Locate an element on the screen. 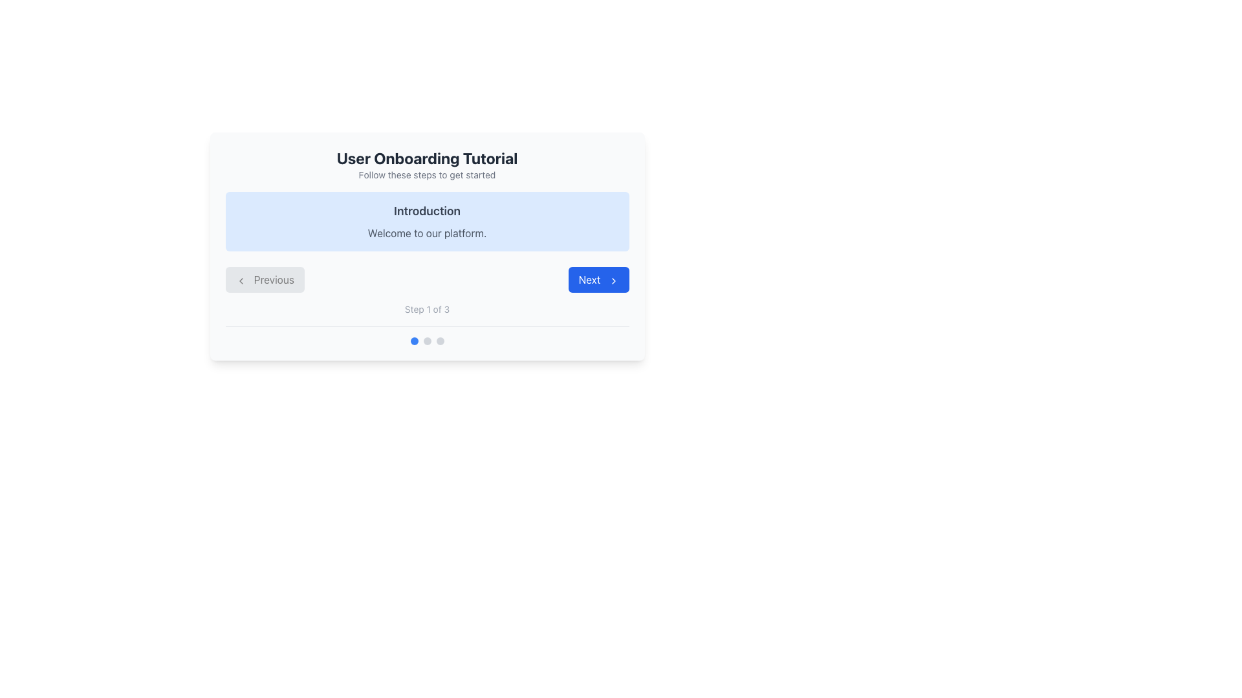 The image size is (1242, 698). the pagination indicators (dots) located in the 'User Onboarding Tutorial' section is located at coordinates (427, 335).